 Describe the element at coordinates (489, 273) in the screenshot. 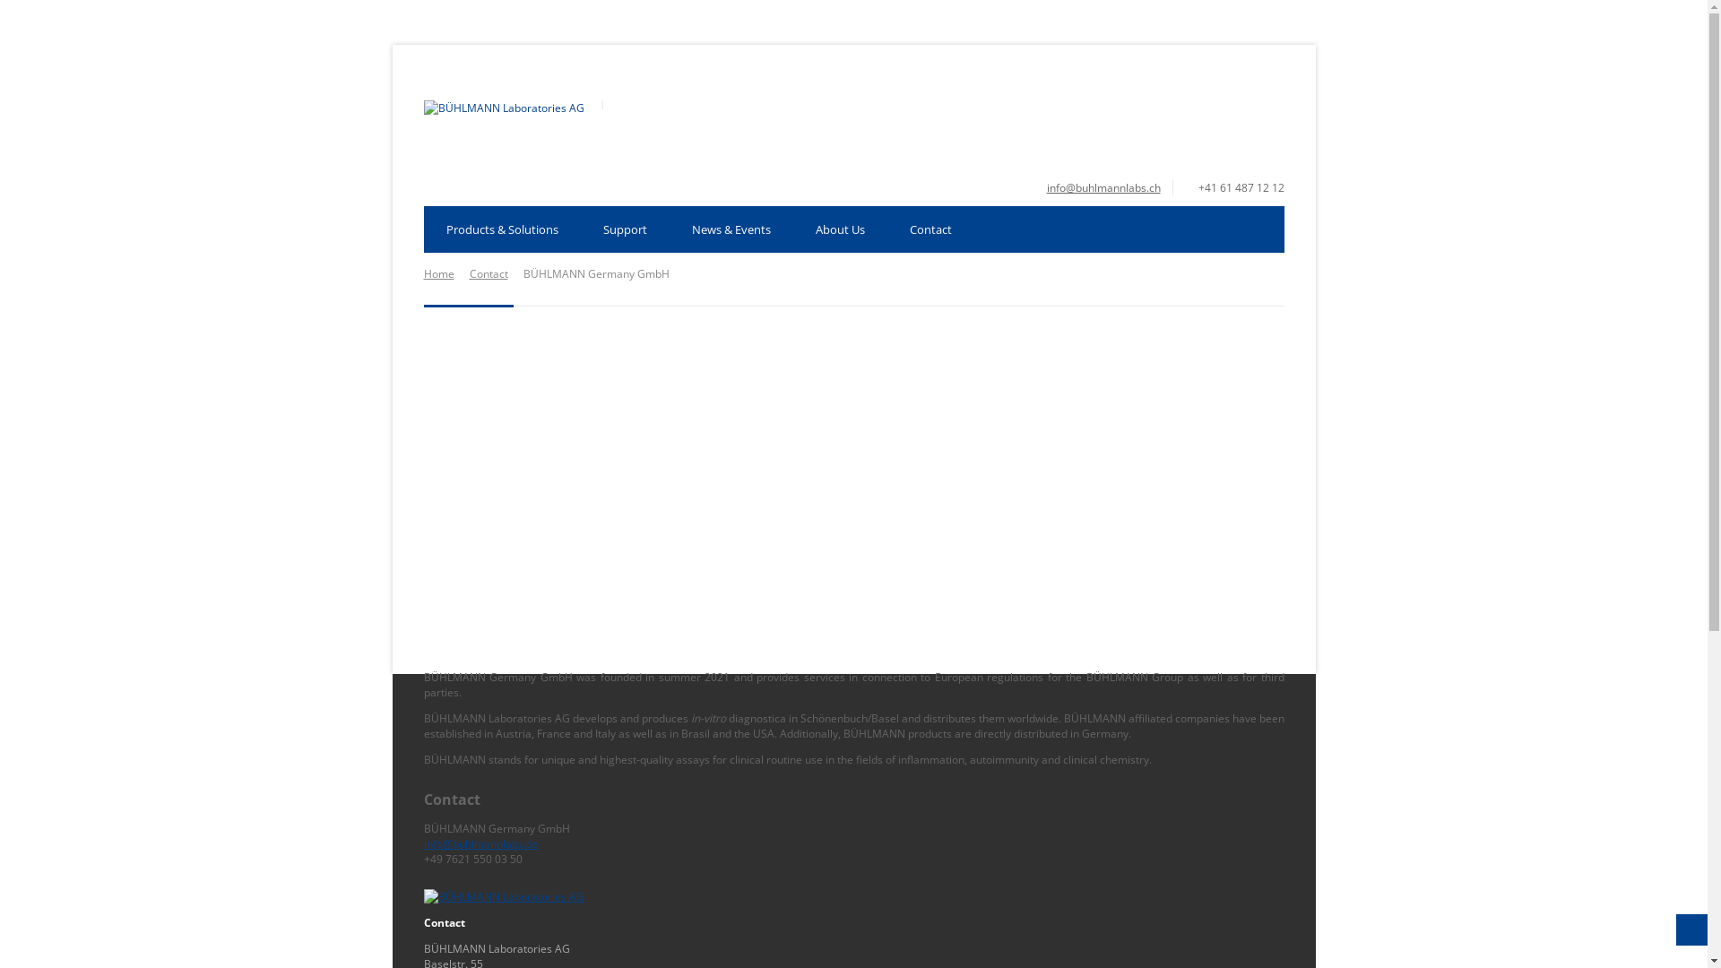

I see `'Contact'` at that location.